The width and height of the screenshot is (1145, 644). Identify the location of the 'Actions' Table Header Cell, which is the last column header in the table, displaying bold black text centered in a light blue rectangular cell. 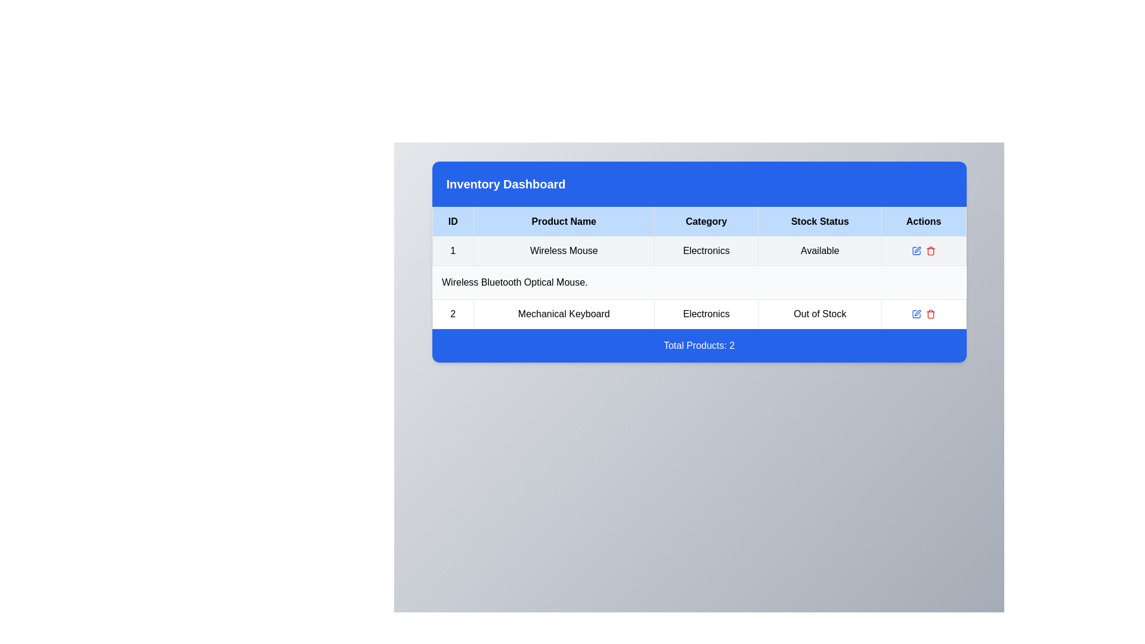
(923, 221).